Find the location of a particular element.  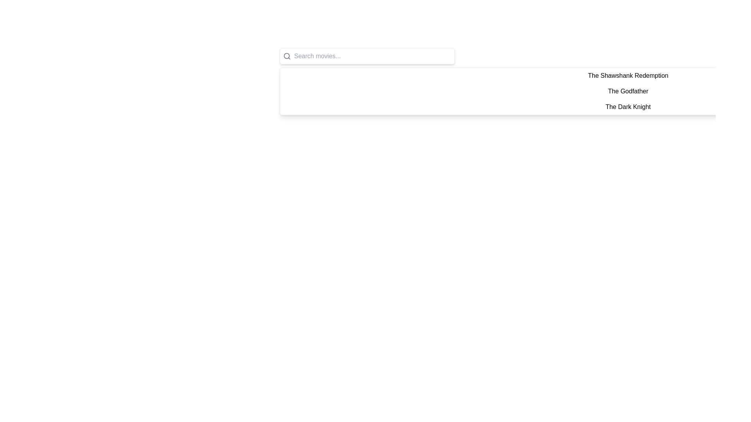

the search icon located on the leftmost side of the search bar that has the placeholder text 'Search movies...' is located at coordinates (287, 55).